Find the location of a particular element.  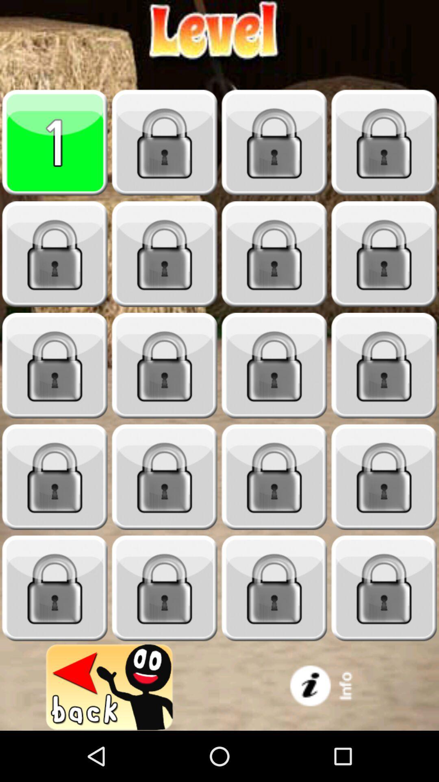

game page is located at coordinates (55, 143).